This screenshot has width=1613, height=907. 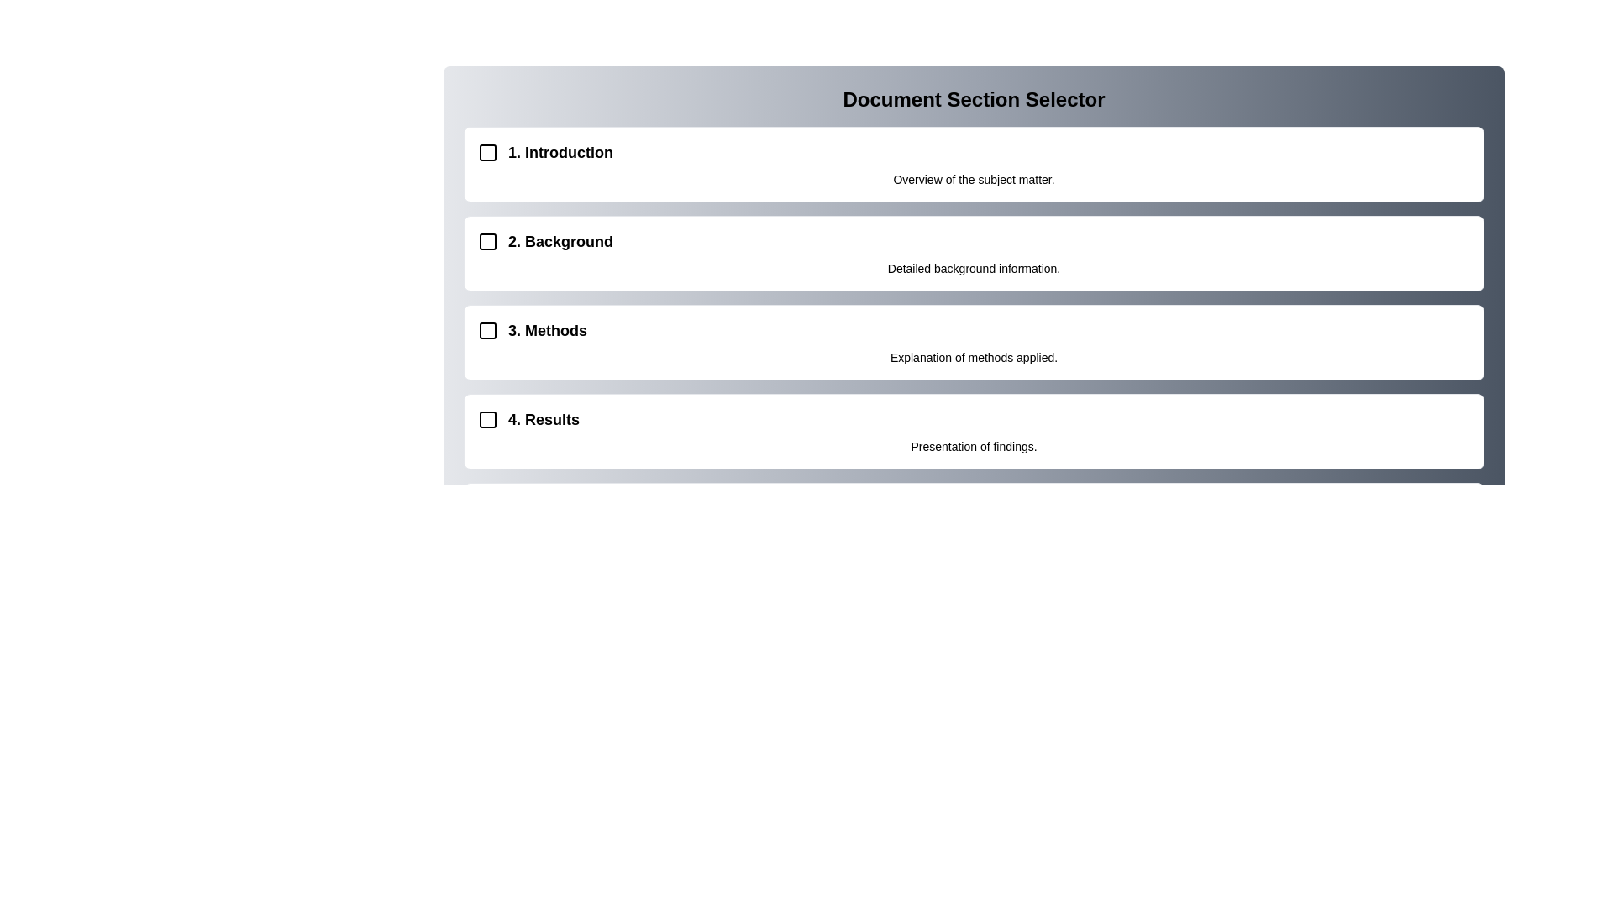 What do you see at coordinates (974, 253) in the screenshot?
I see `the section card labeled 'Background' to view its content` at bounding box center [974, 253].